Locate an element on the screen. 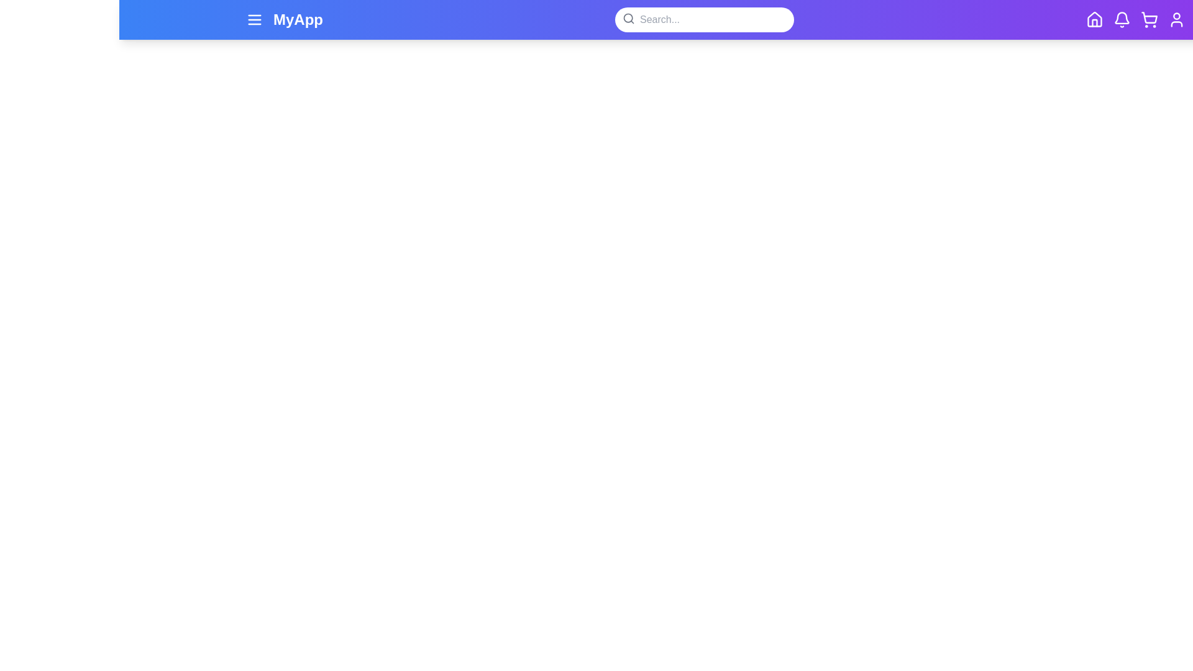 The width and height of the screenshot is (1193, 671). the icon with the specified name: bell is located at coordinates (1122, 19).